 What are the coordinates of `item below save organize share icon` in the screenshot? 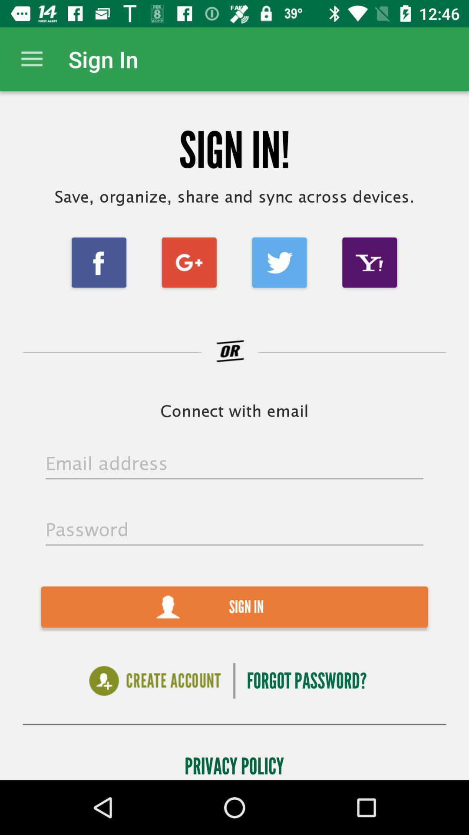 It's located at (279, 262).